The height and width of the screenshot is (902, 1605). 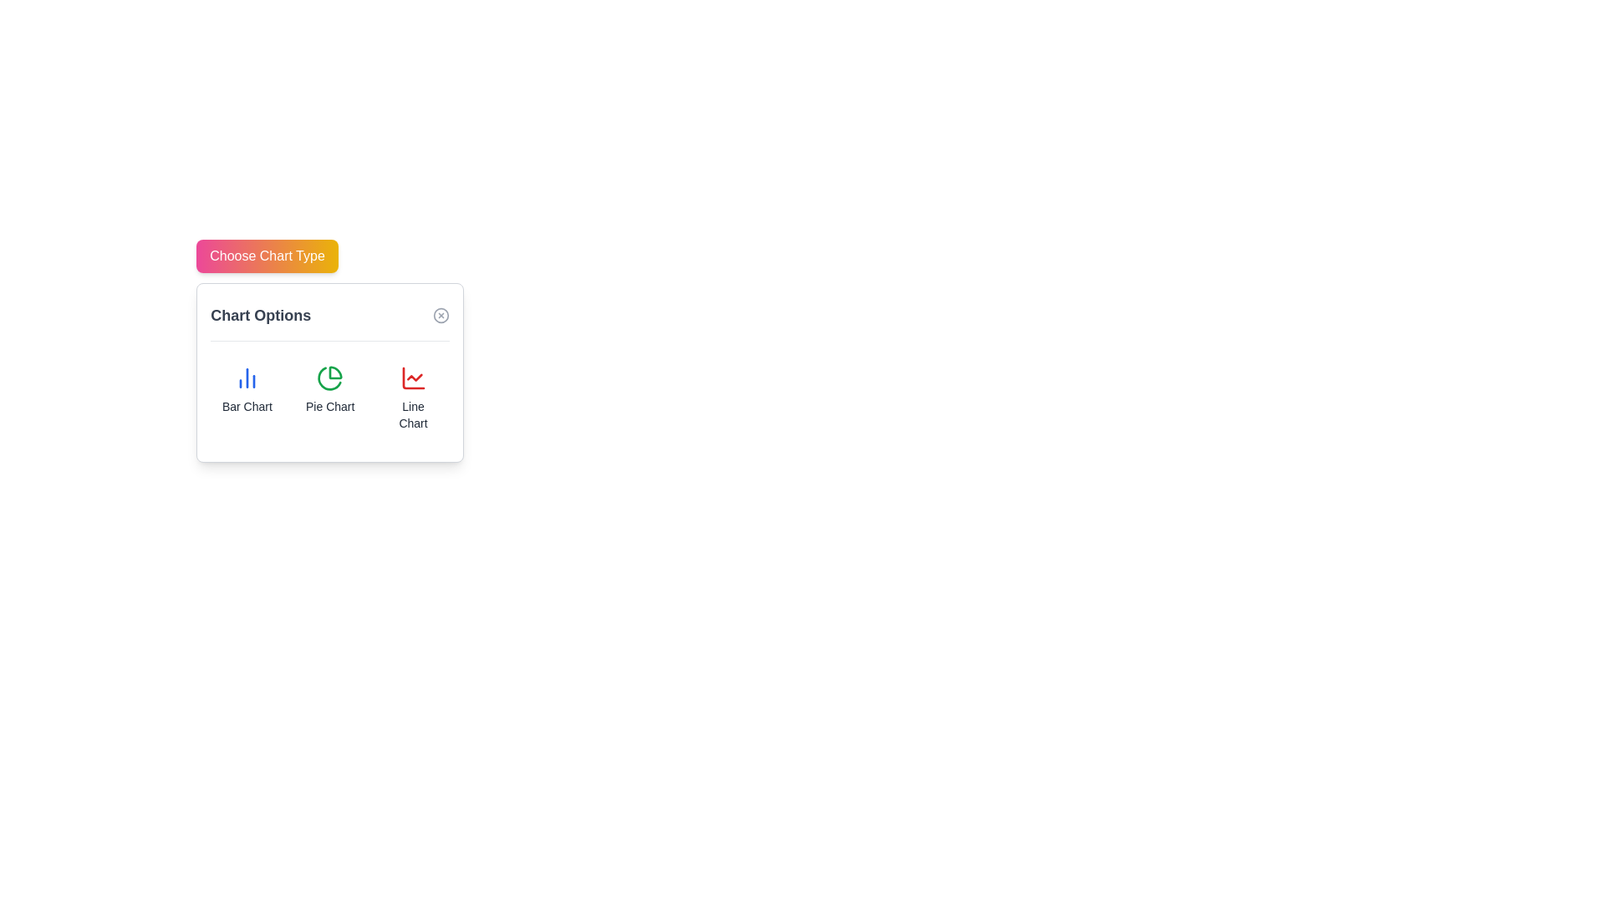 I want to click on the selection button for the 'Line Chart' option, which is the third button in a row of three under the 'Chart Options' heading, so click(x=413, y=398).